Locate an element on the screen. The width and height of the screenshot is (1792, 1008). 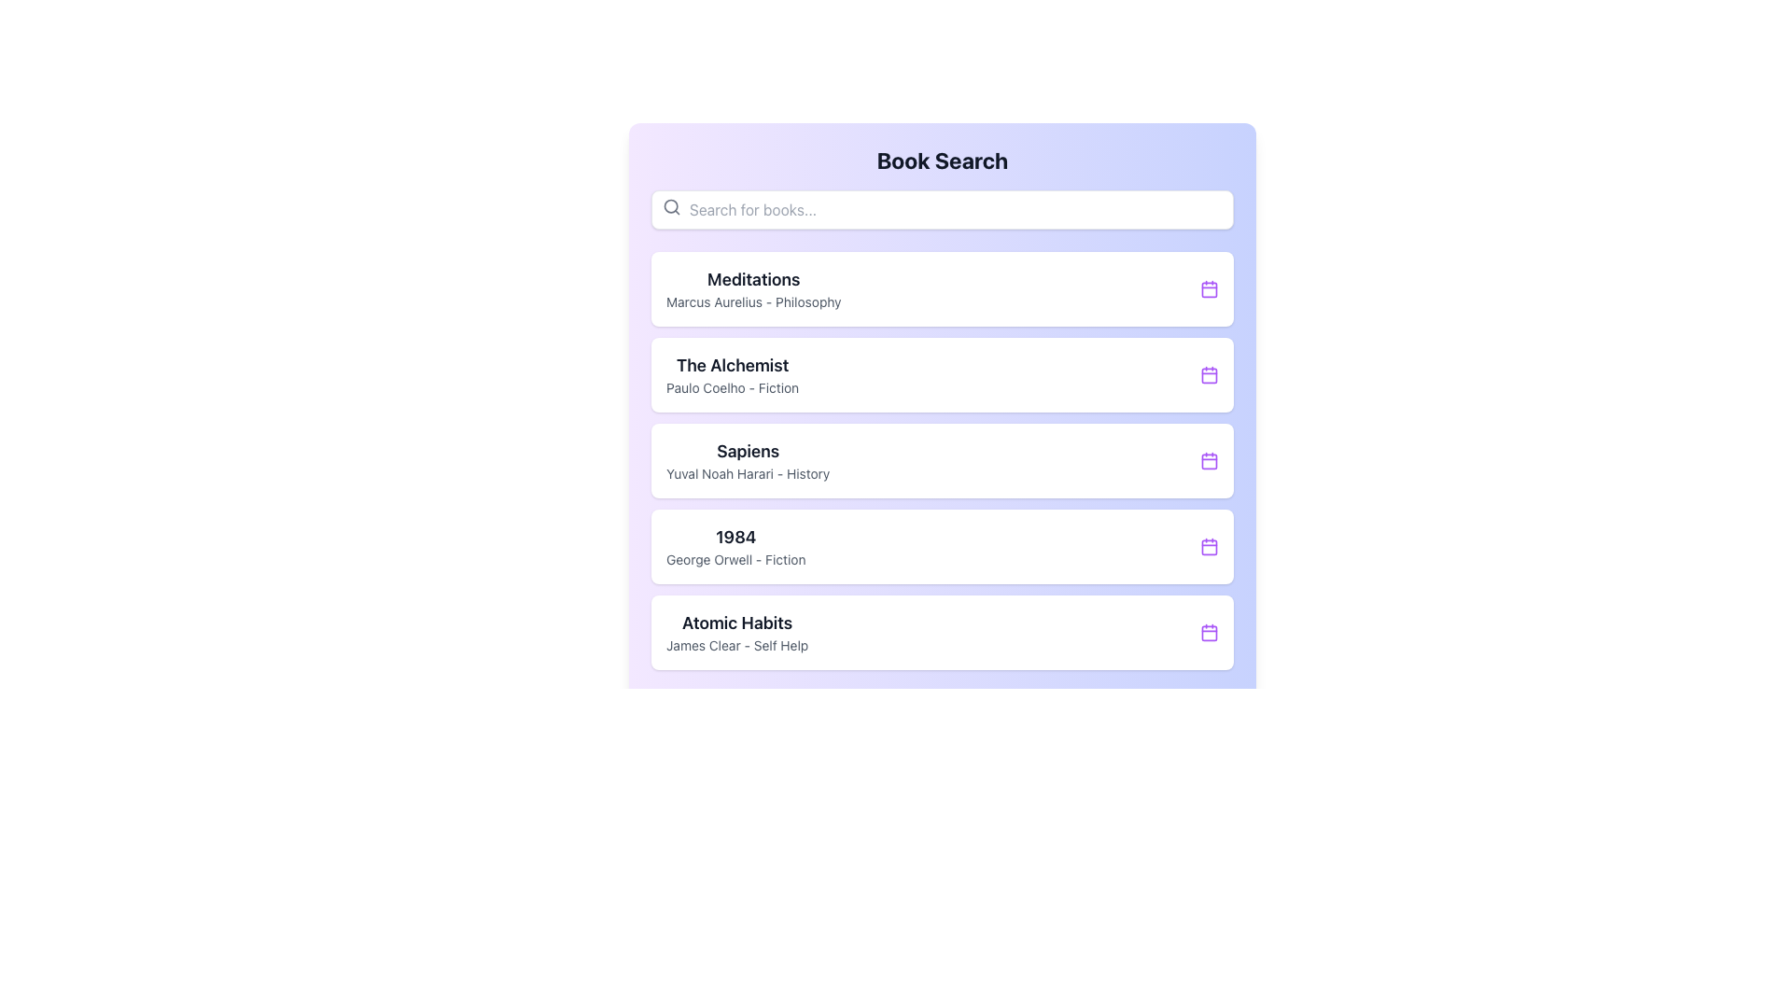
title 'The Alchemist' and author information 'Paulo Coelho - Fiction' from the text block element, which is the second item in a vertically stacked list of books is located at coordinates (732, 374).